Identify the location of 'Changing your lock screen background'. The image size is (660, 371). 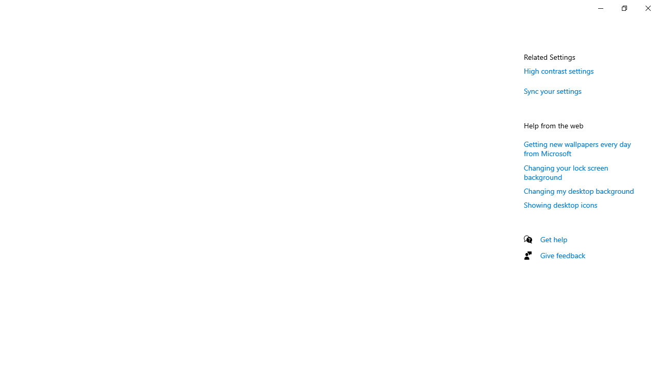
(566, 172).